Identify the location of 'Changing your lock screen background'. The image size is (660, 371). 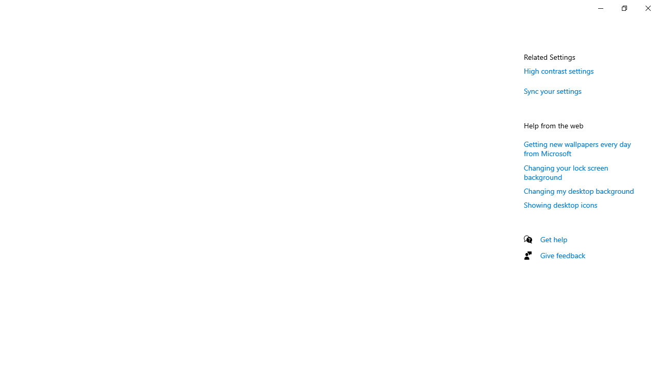
(566, 172).